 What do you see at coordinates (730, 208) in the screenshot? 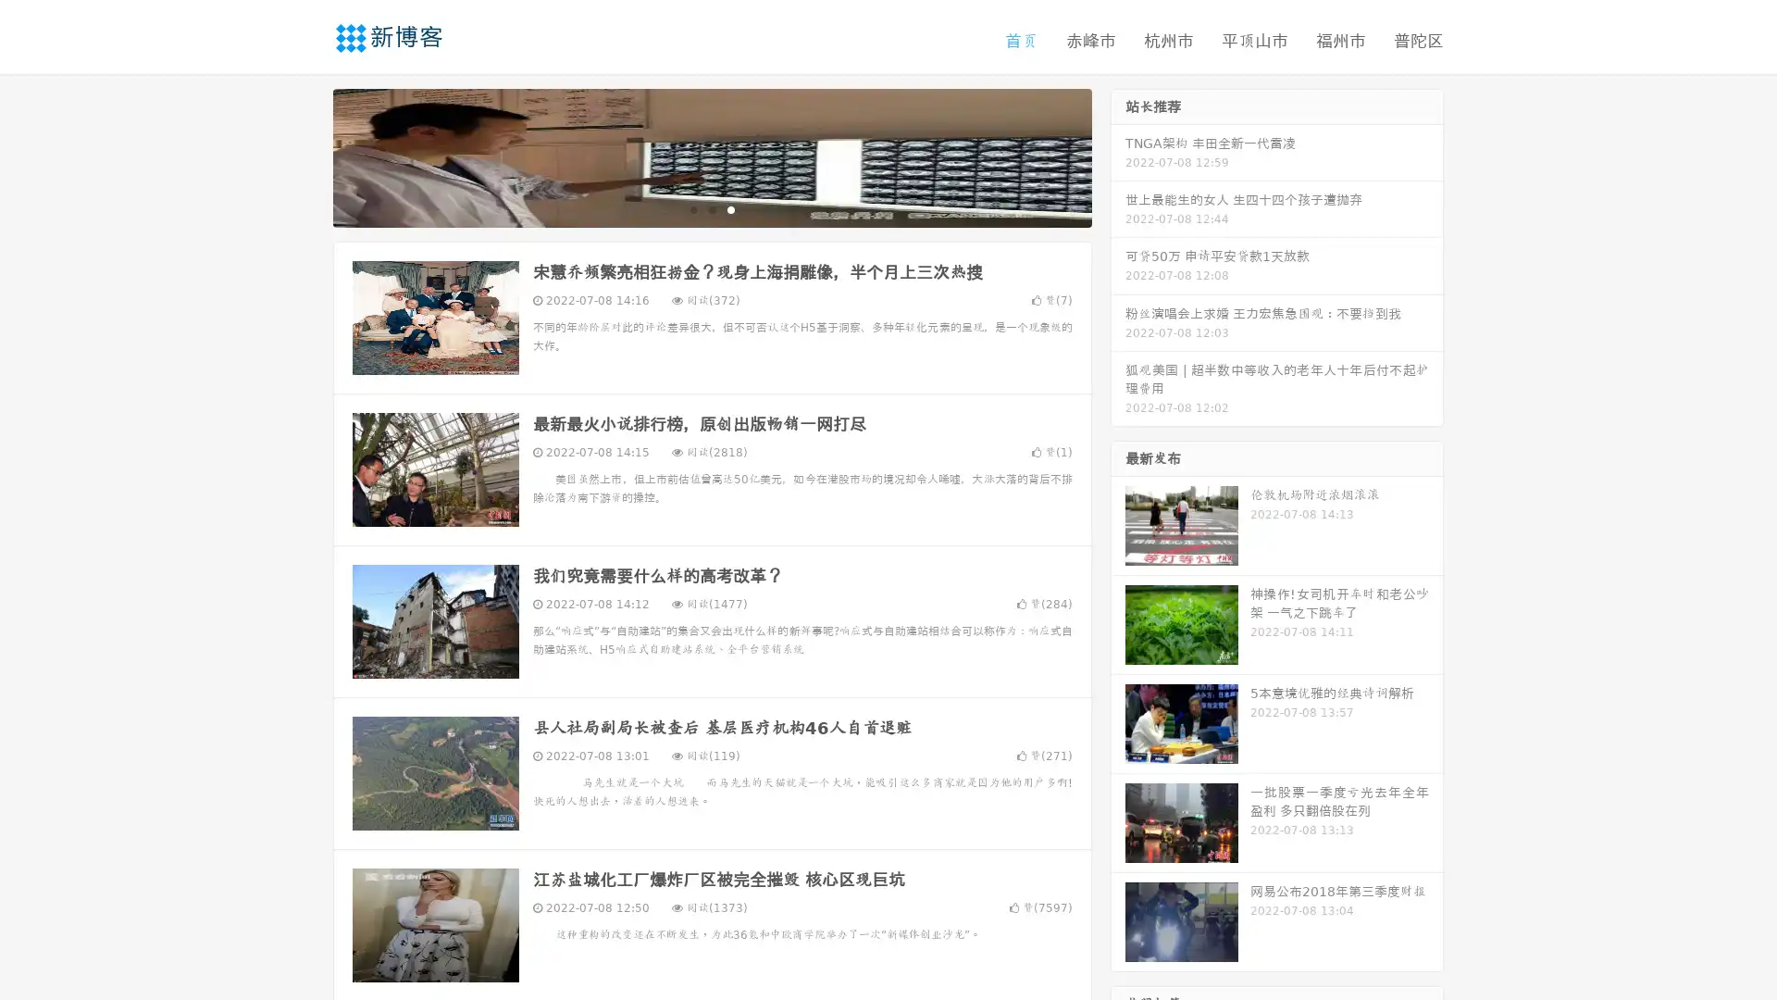
I see `Go to slide 3` at bounding box center [730, 208].